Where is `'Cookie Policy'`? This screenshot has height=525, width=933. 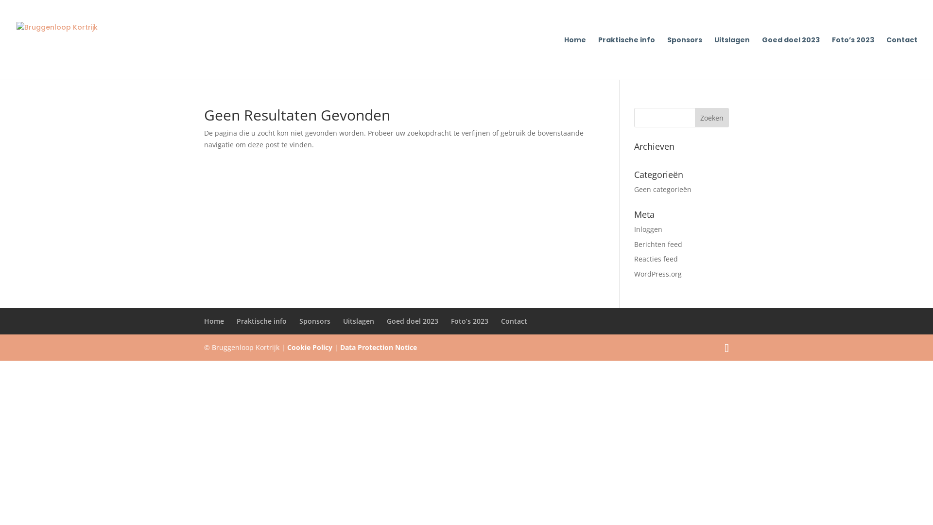
'Cookie Policy' is located at coordinates (286, 347).